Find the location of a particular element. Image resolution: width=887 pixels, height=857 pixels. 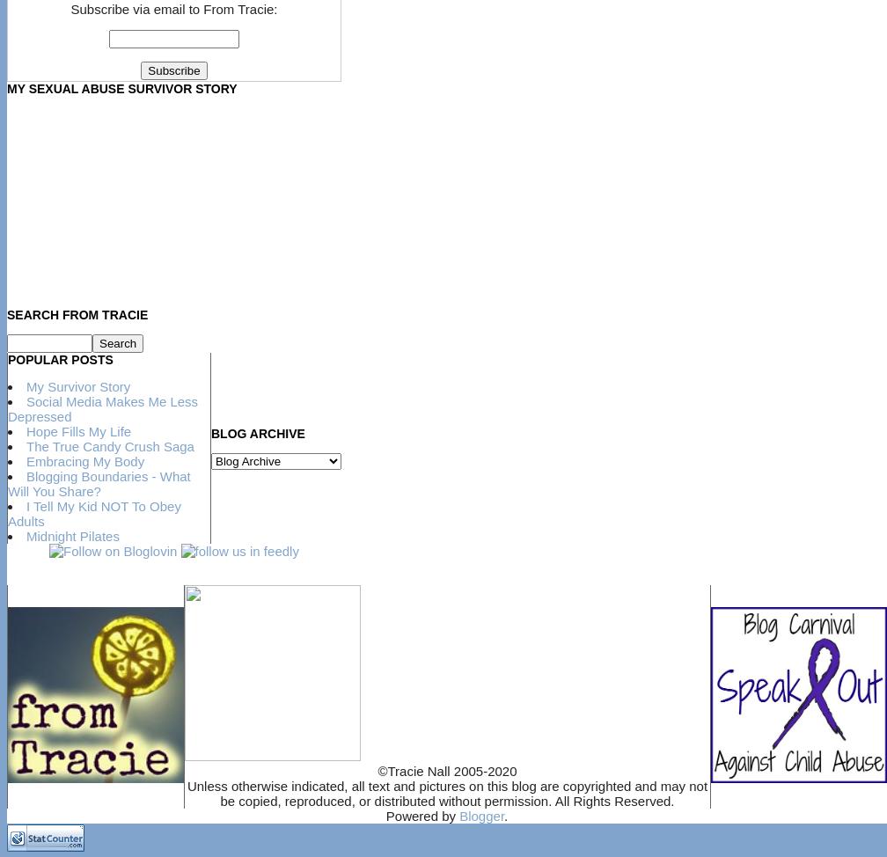

'Search From Tracie' is located at coordinates (77, 313).